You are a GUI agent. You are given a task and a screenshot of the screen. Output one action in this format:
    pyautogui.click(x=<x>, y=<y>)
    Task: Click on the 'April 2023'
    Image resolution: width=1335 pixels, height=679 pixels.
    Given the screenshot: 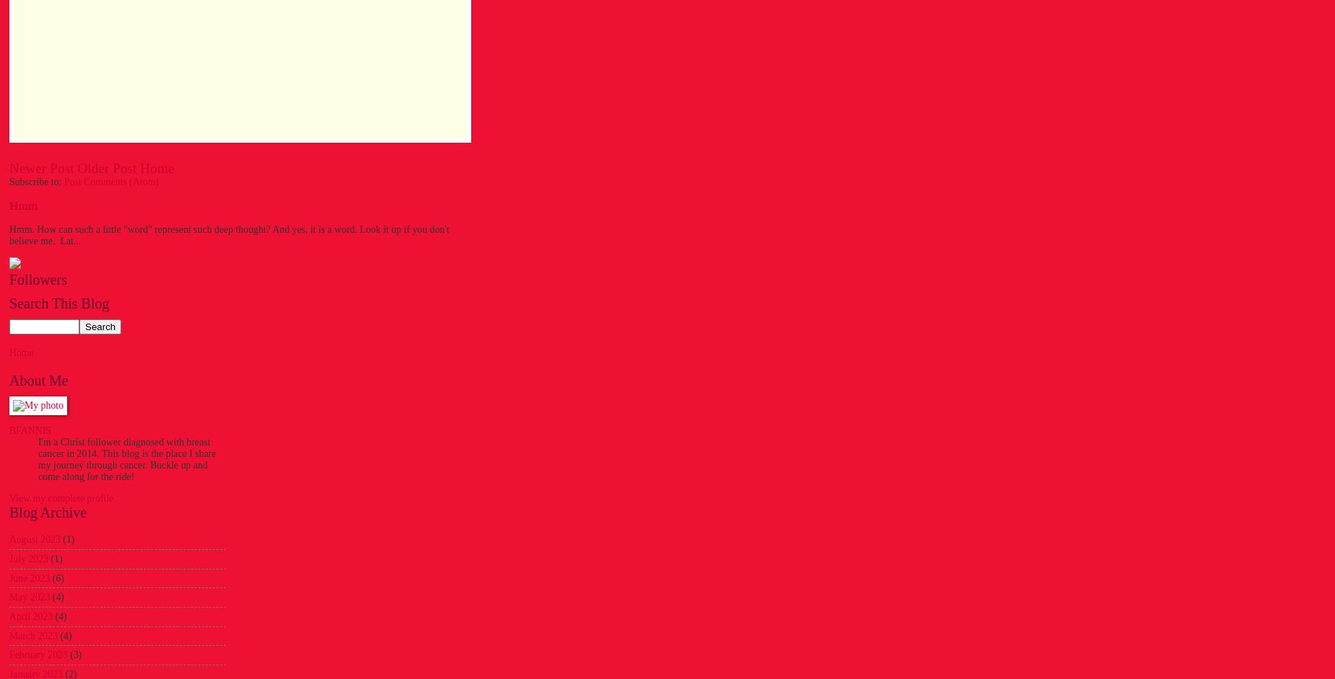 What is the action you would take?
    pyautogui.click(x=30, y=616)
    